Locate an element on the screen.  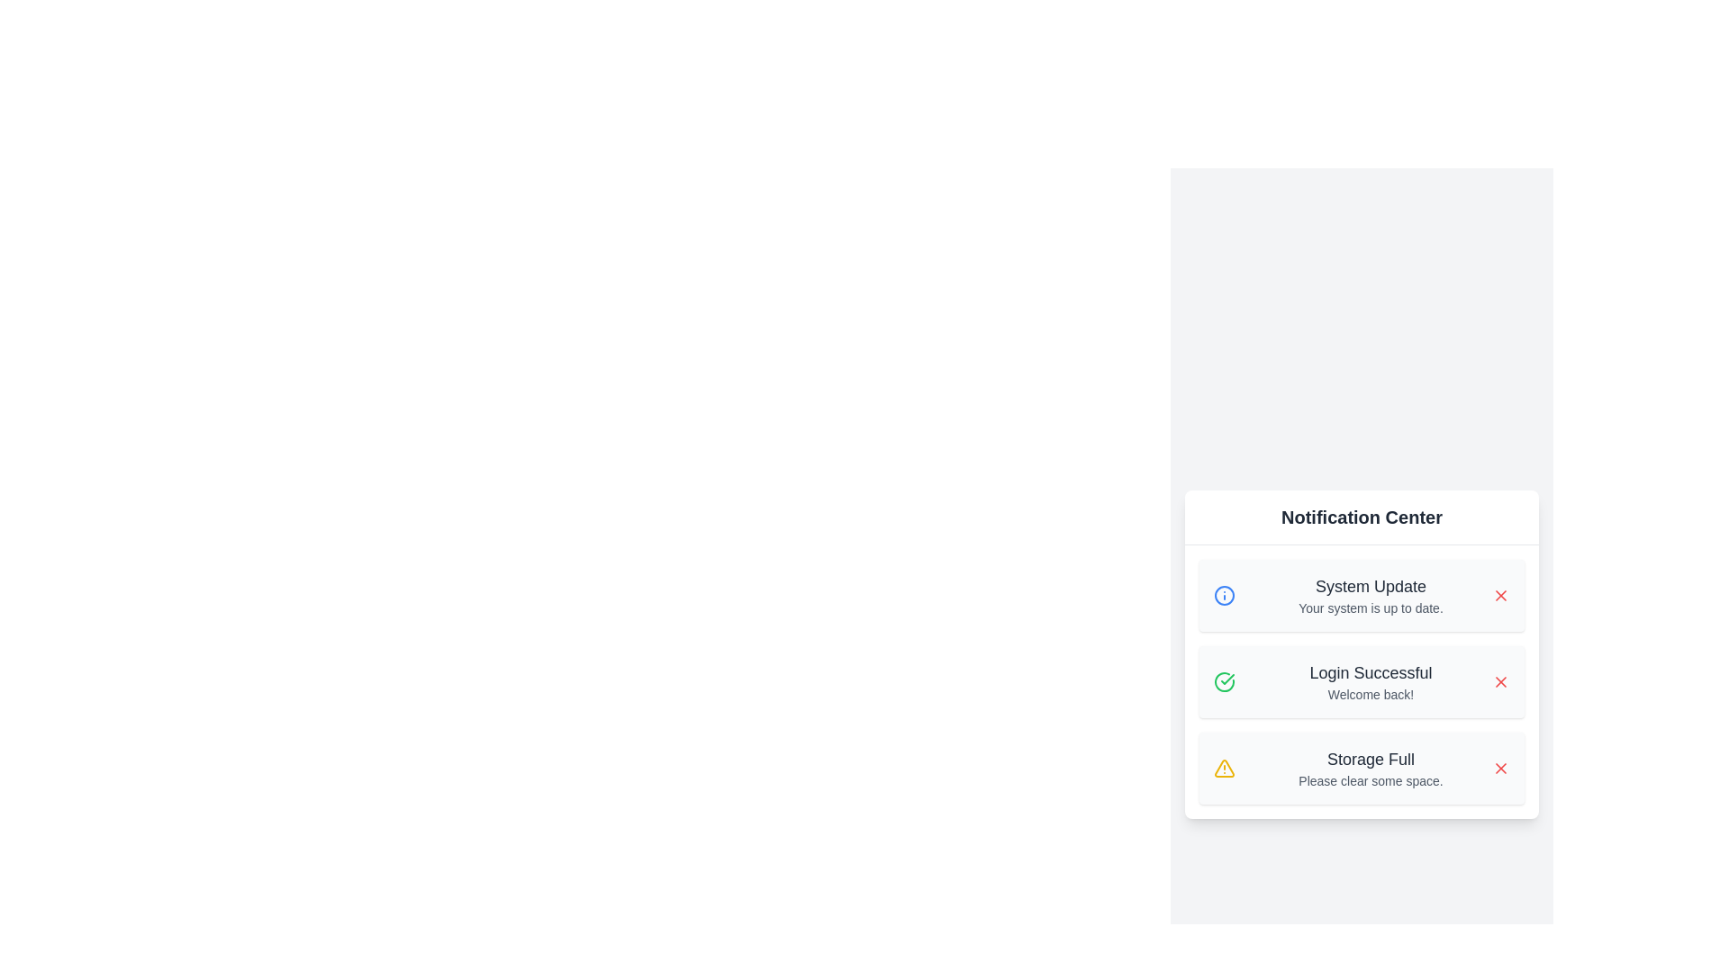
the visual state of the icon indicating a successful action related to the 'Login Successful' message, located to the left of the text in the 'Notification Center' is located at coordinates (1224, 680).